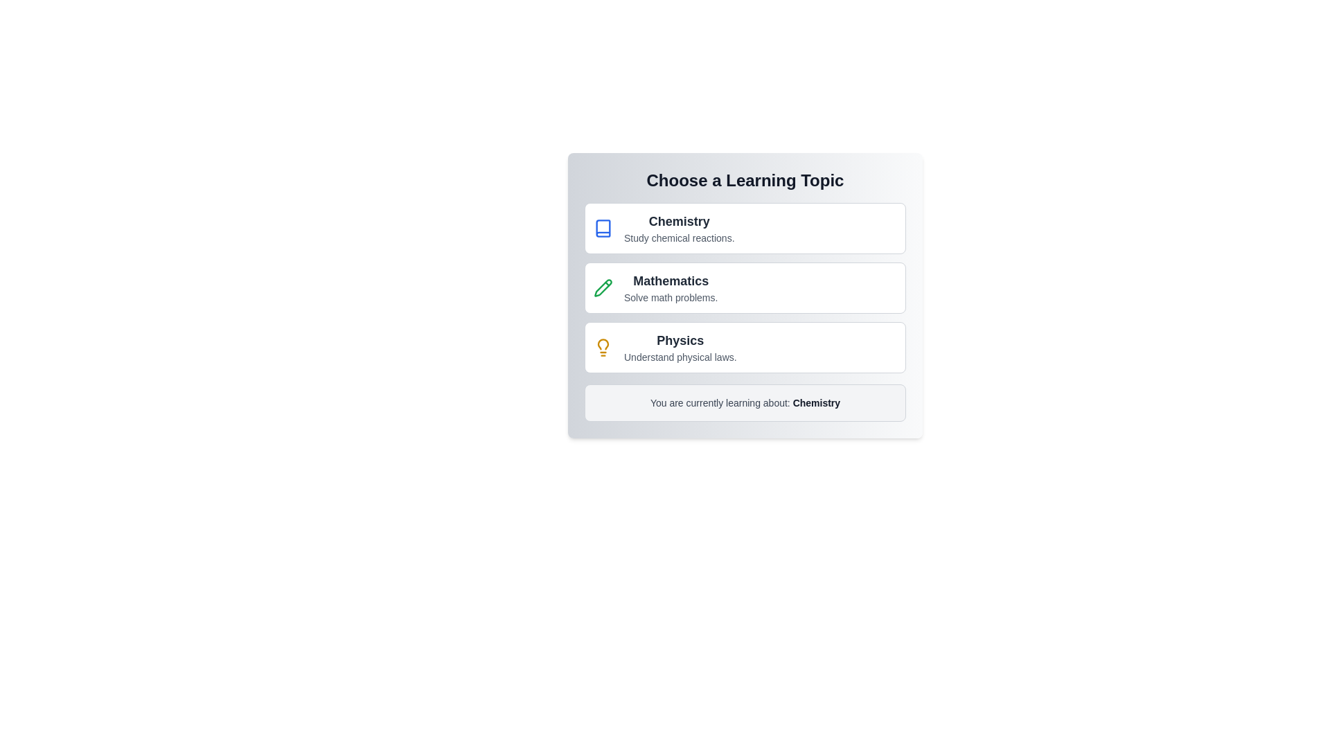 The width and height of the screenshot is (1330, 748). What do you see at coordinates (744, 228) in the screenshot?
I see `the button labeled 'Chemistry', which is the first button in a vertical grid layout, to select it as the topic of interest` at bounding box center [744, 228].